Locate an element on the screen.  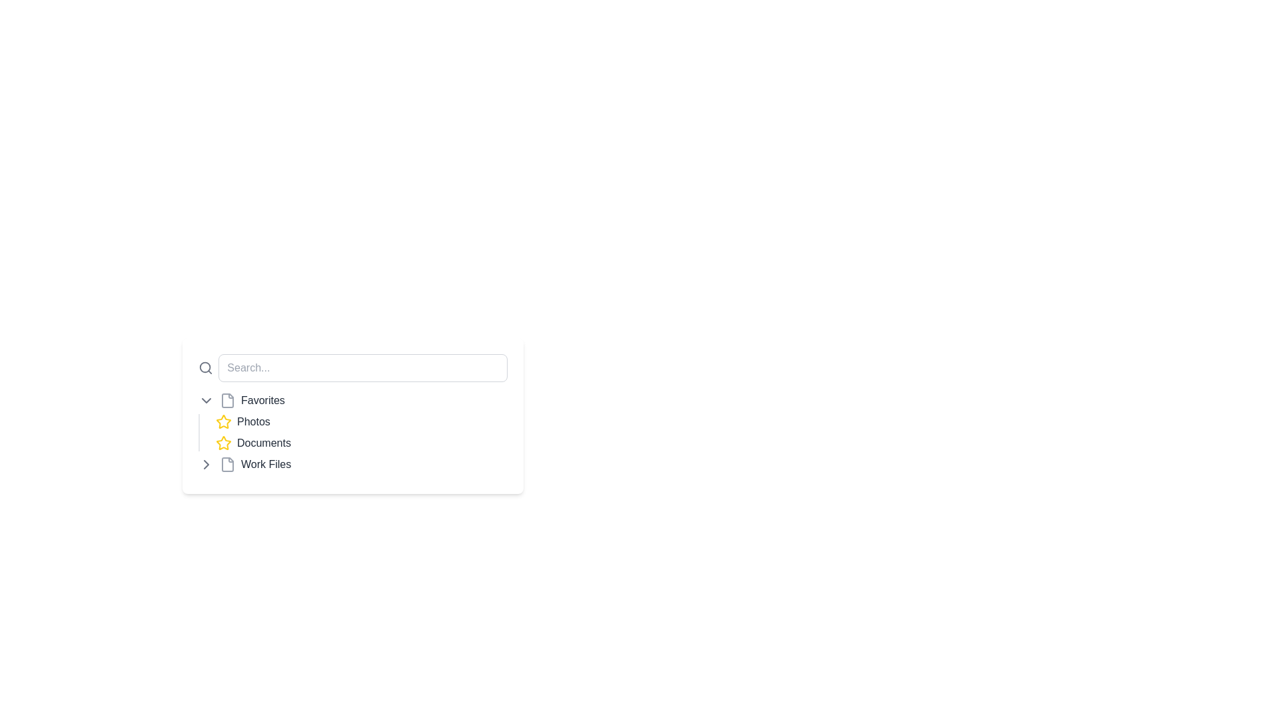
the 'Favorites' icon in the navigation menu, which is positioned to the left of the 'Favorites' label and to the right of a downward chevron icon is located at coordinates (227, 399).